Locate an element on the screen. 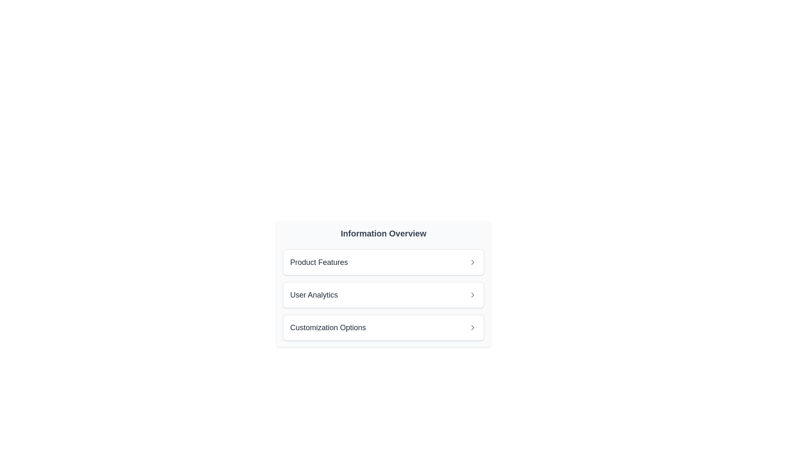 The width and height of the screenshot is (804, 452). the right-facing chevron icon located at the far-right end of the 'Customization Options' section is located at coordinates (472, 327).